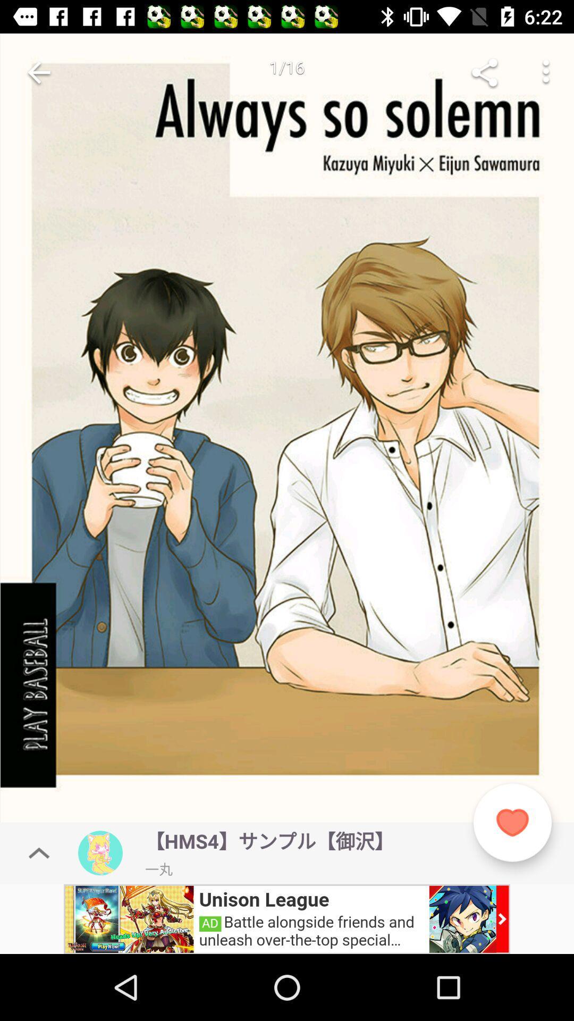  I want to click on mark as favorite, so click(512, 822).